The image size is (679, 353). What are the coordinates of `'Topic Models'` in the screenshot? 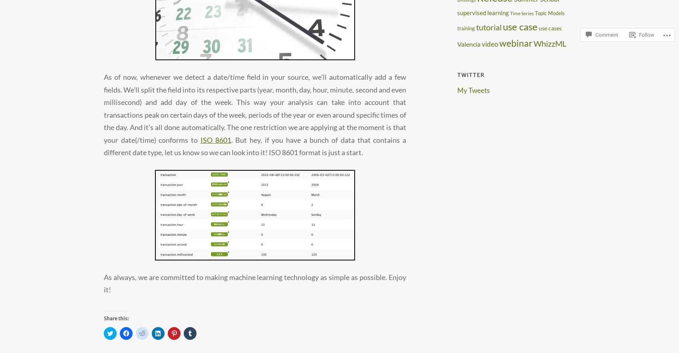 It's located at (550, 13).